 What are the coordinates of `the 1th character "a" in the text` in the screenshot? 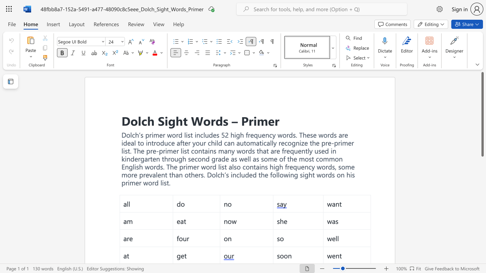 It's located at (225, 151).